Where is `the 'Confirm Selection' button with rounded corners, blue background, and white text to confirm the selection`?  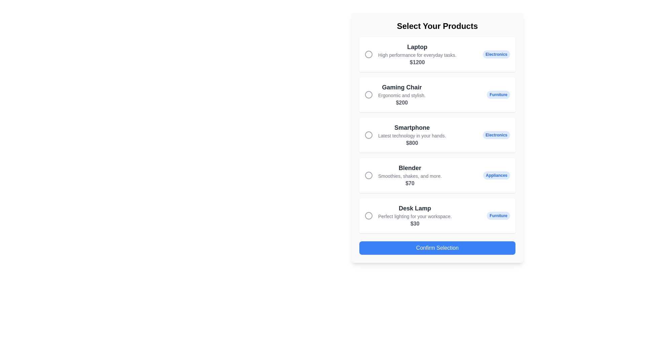
the 'Confirm Selection' button with rounded corners, blue background, and white text to confirm the selection is located at coordinates (437, 248).